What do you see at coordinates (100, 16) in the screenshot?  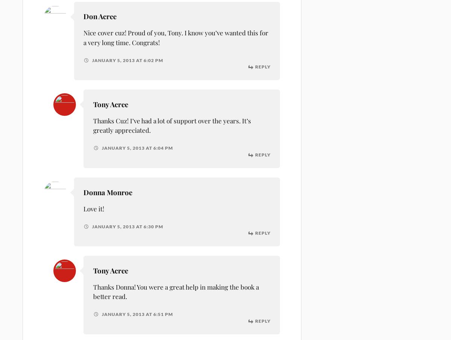 I see `'Don Acree'` at bounding box center [100, 16].